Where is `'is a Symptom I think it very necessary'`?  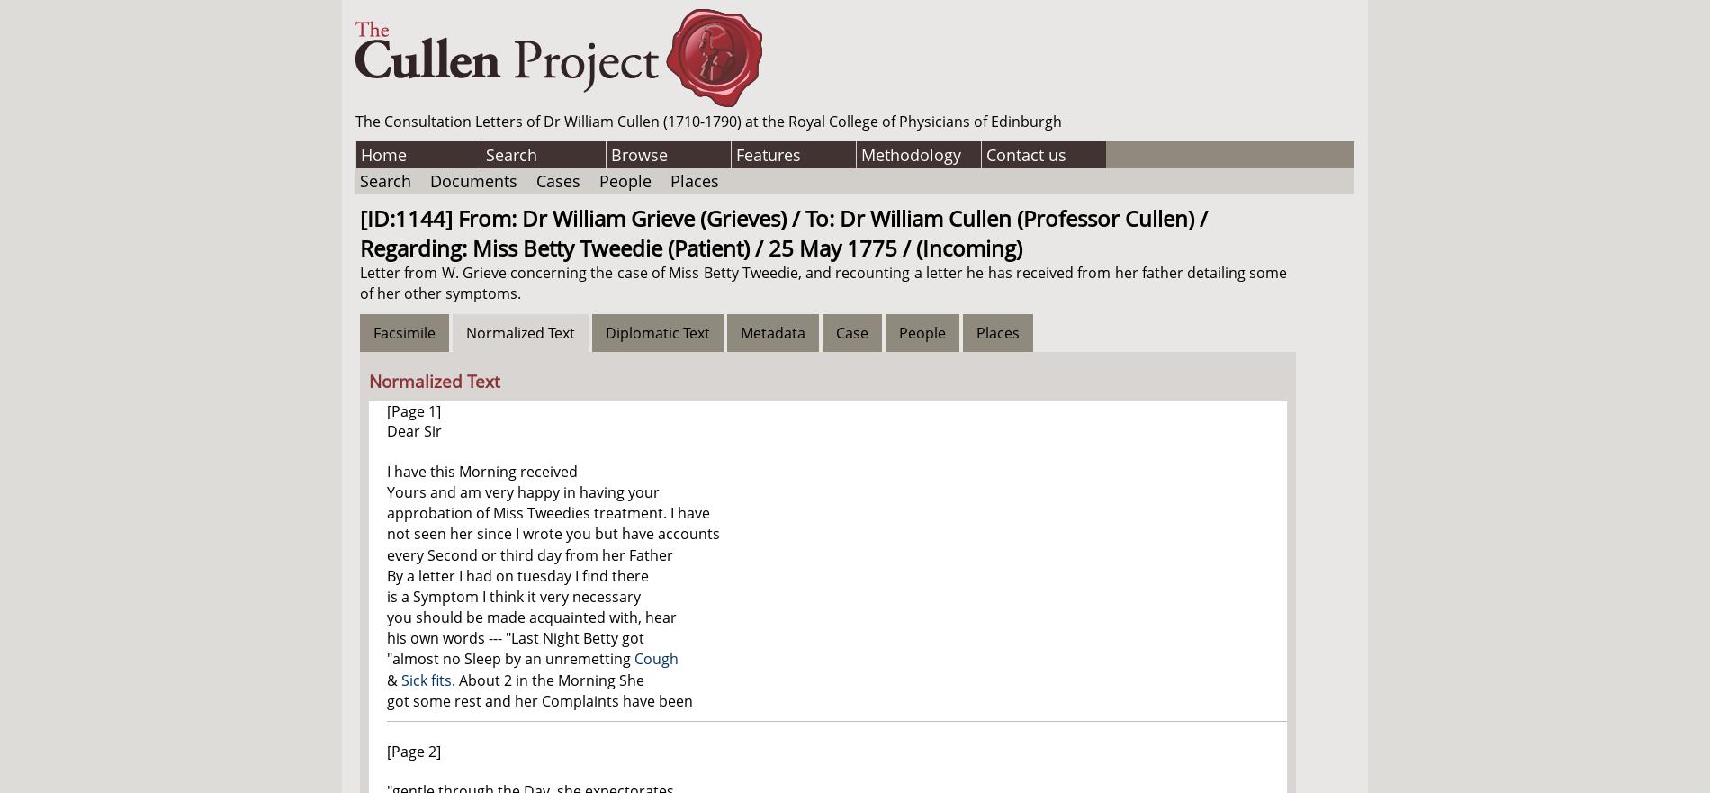 'is a Symptom I think it very necessary' is located at coordinates (513, 595).